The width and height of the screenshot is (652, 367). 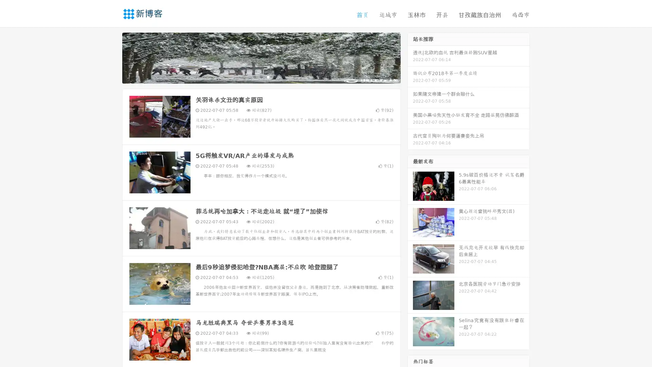 What do you see at coordinates (410, 57) in the screenshot?
I see `Next slide` at bounding box center [410, 57].